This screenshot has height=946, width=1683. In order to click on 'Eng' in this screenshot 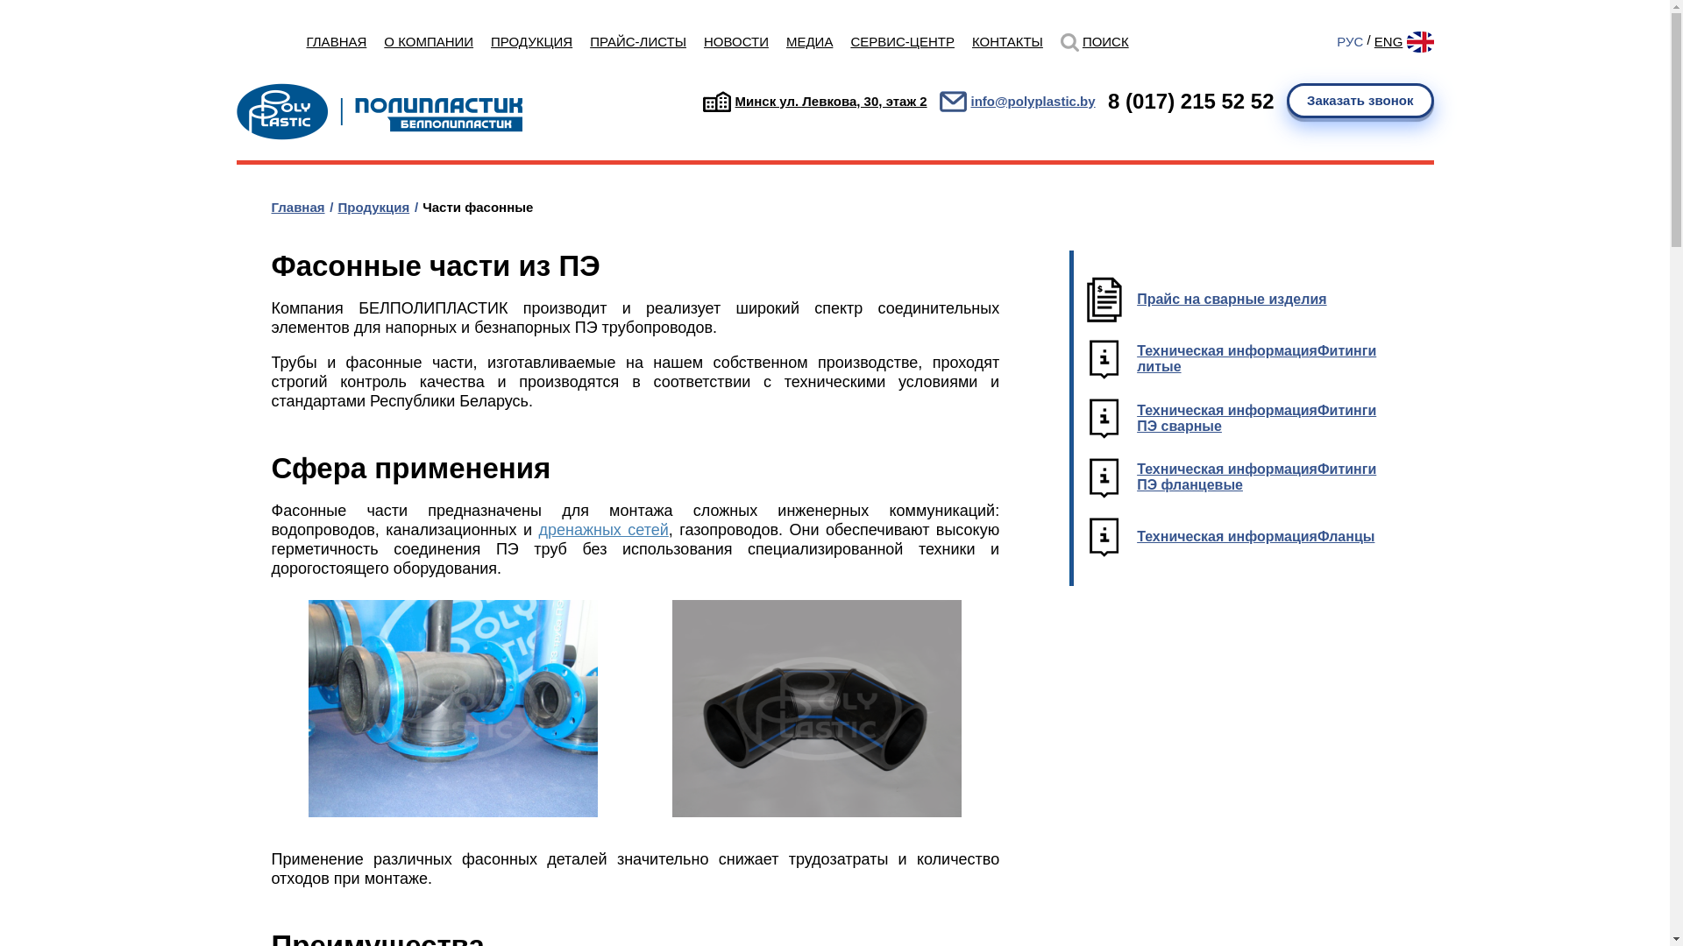, I will do `click(1405, 40)`.